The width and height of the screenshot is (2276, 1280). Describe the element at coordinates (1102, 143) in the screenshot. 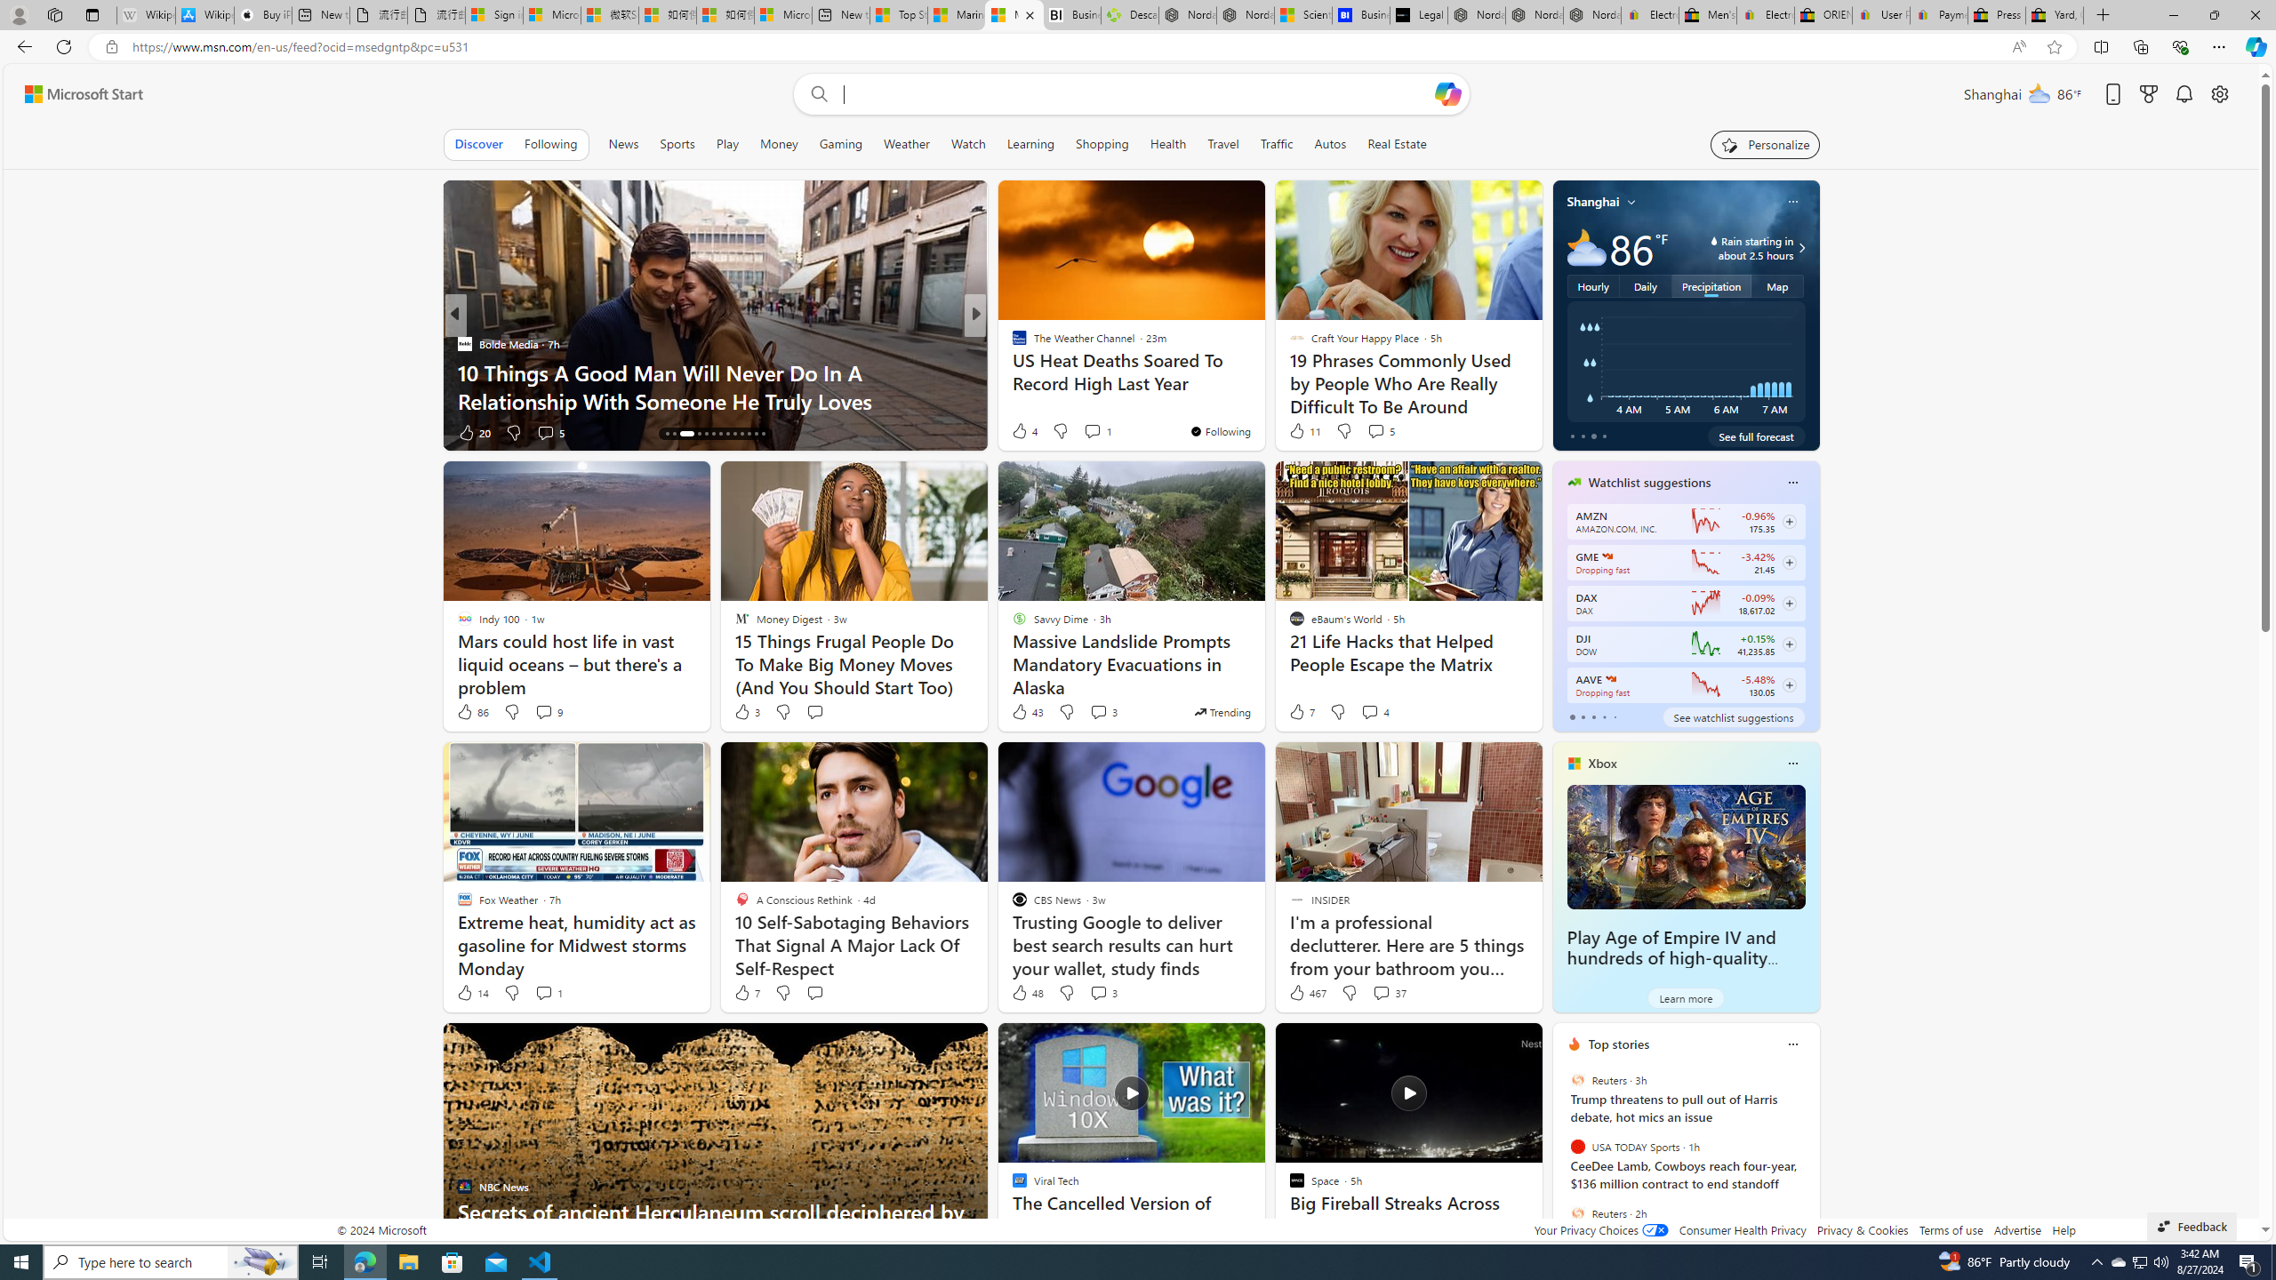

I see `'Shopping'` at that location.